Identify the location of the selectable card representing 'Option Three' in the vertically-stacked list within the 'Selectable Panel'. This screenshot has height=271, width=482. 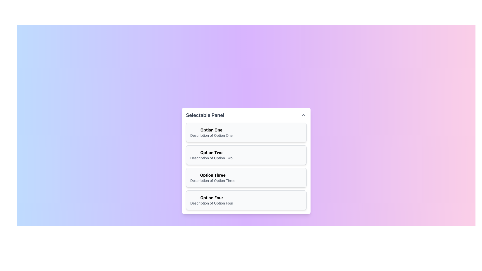
(246, 177).